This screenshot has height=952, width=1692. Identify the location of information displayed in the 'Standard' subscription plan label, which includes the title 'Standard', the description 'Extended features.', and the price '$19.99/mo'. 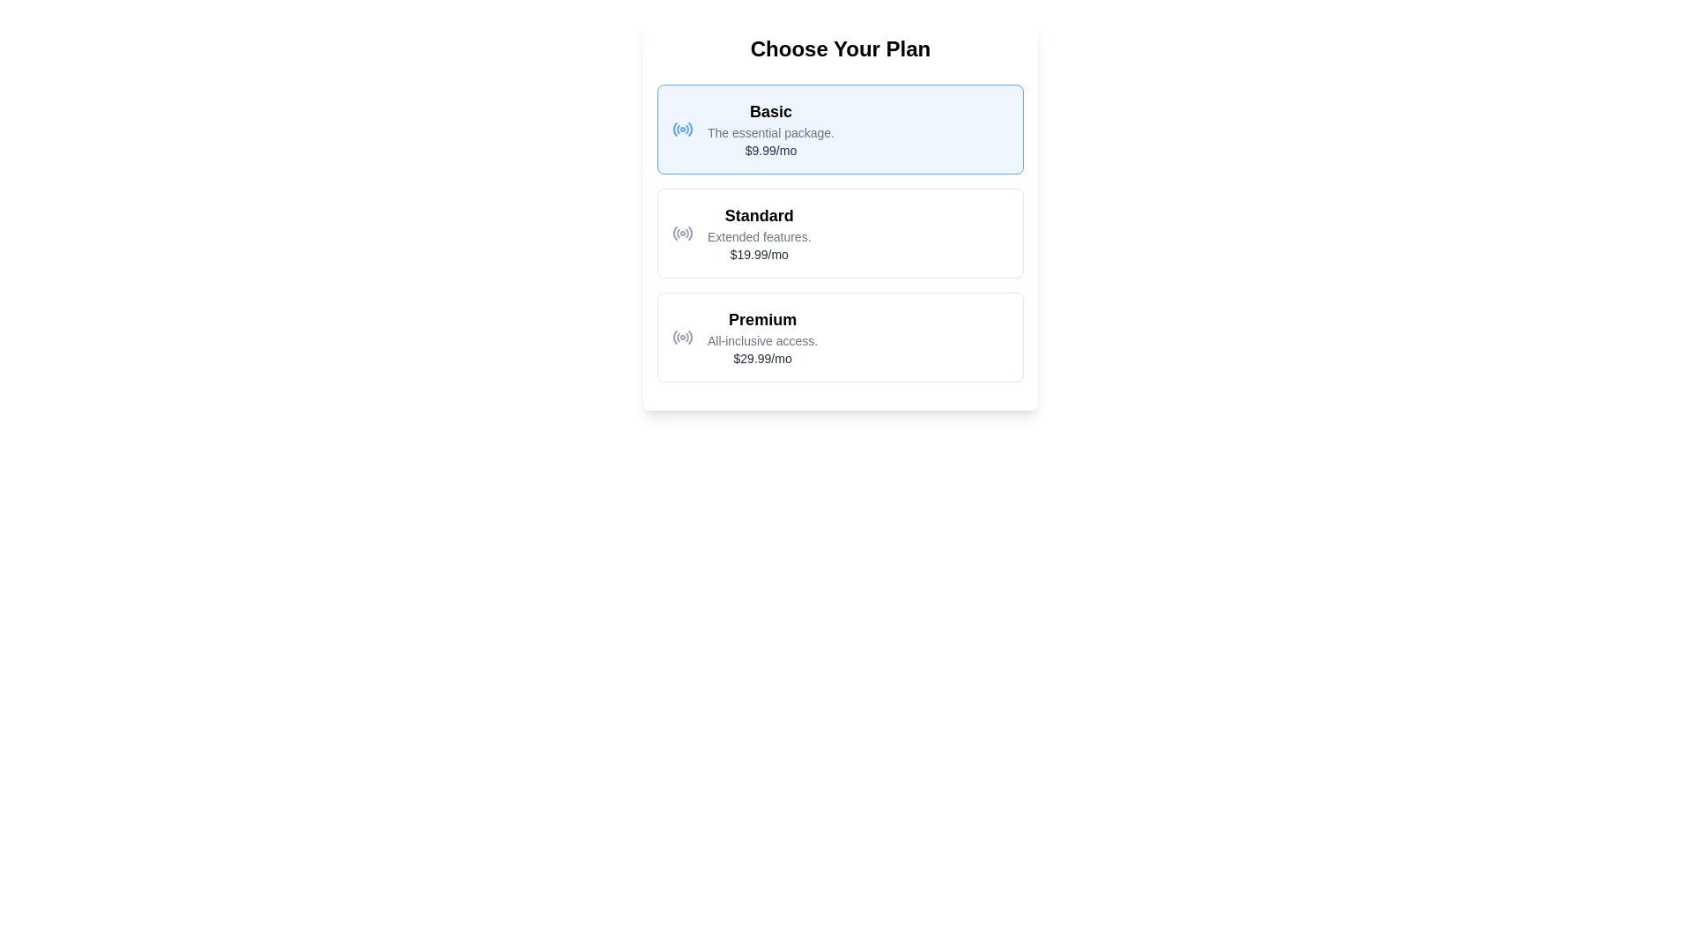
(759, 233).